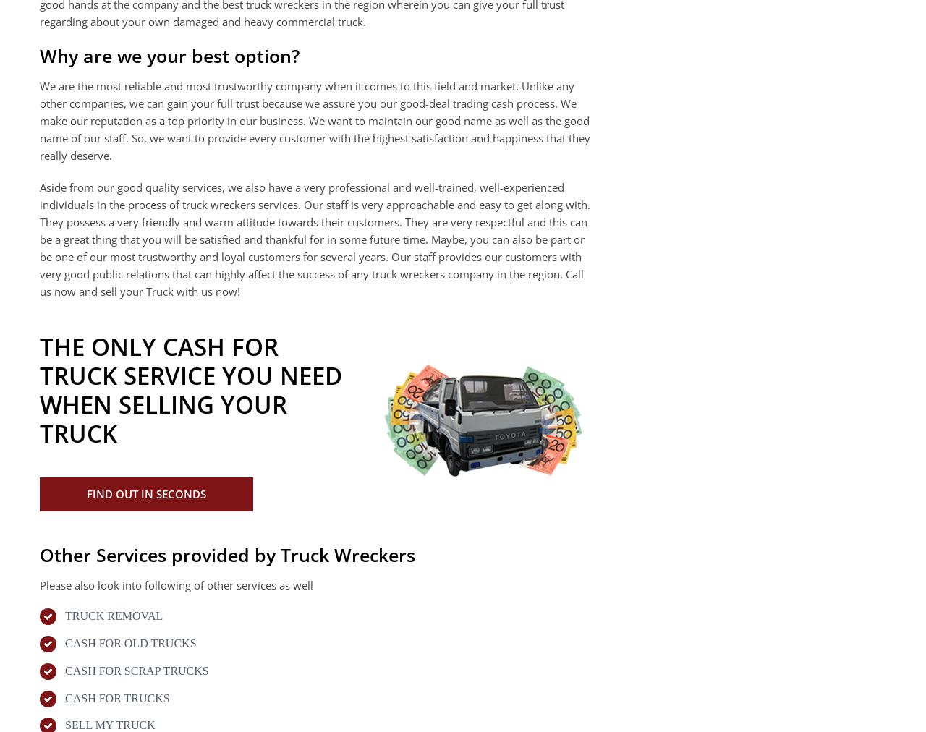 The image size is (926, 732). I want to click on 'CASH FOR OLD TRUCKS', so click(64, 642).